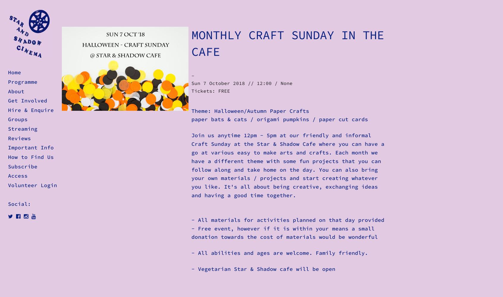 The height and width of the screenshot is (297, 503). What do you see at coordinates (23, 82) in the screenshot?
I see `'Programme'` at bounding box center [23, 82].